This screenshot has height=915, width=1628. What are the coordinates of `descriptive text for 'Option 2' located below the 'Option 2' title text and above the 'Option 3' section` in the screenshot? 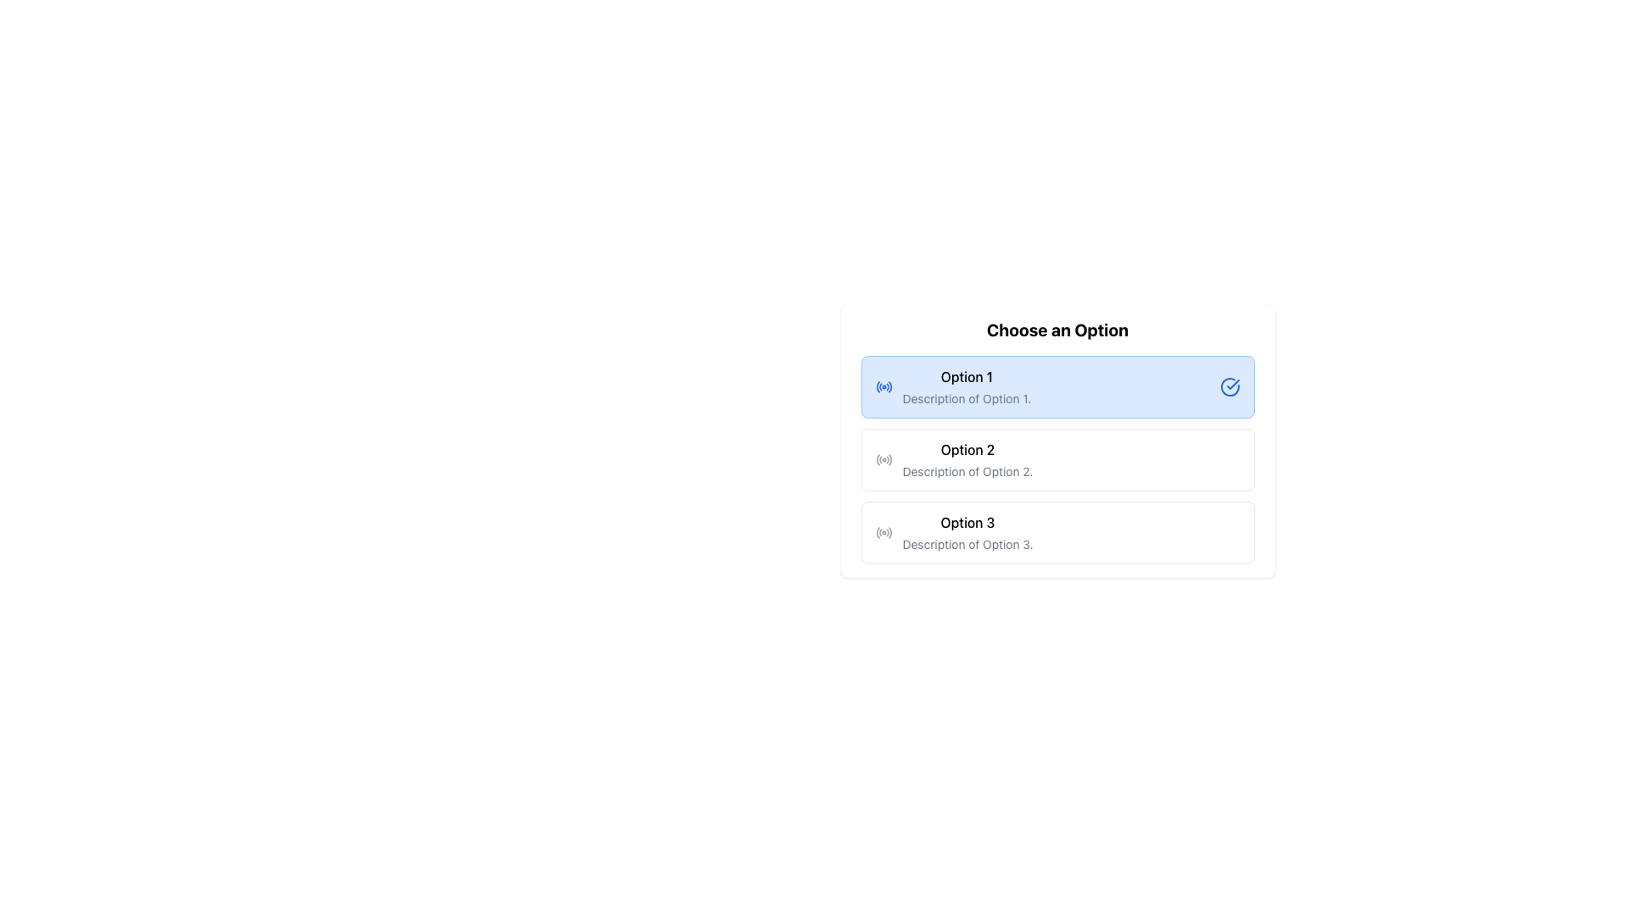 It's located at (967, 471).